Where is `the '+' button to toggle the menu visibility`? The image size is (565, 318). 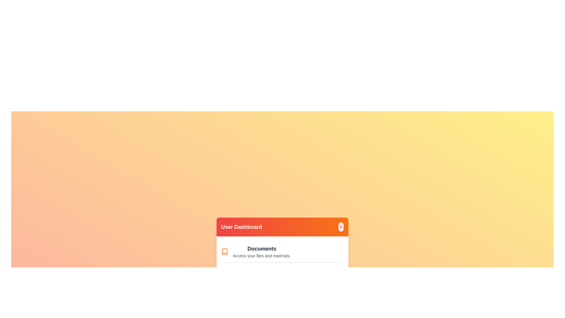 the '+' button to toggle the menu visibility is located at coordinates (341, 227).